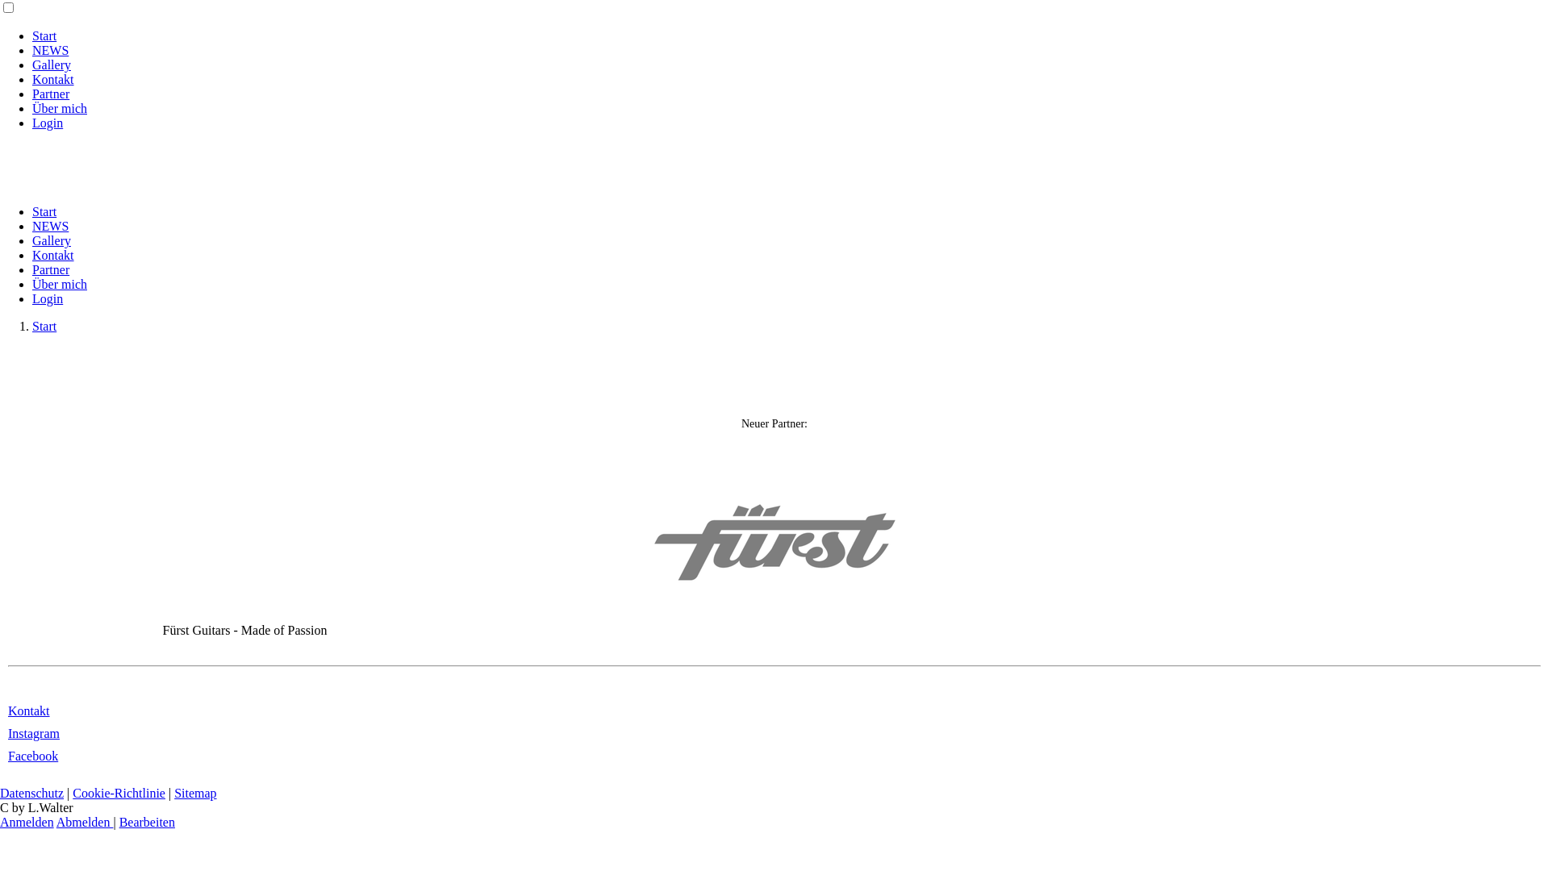 The image size is (1549, 871). I want to click on 'Login', so click(47, 298).